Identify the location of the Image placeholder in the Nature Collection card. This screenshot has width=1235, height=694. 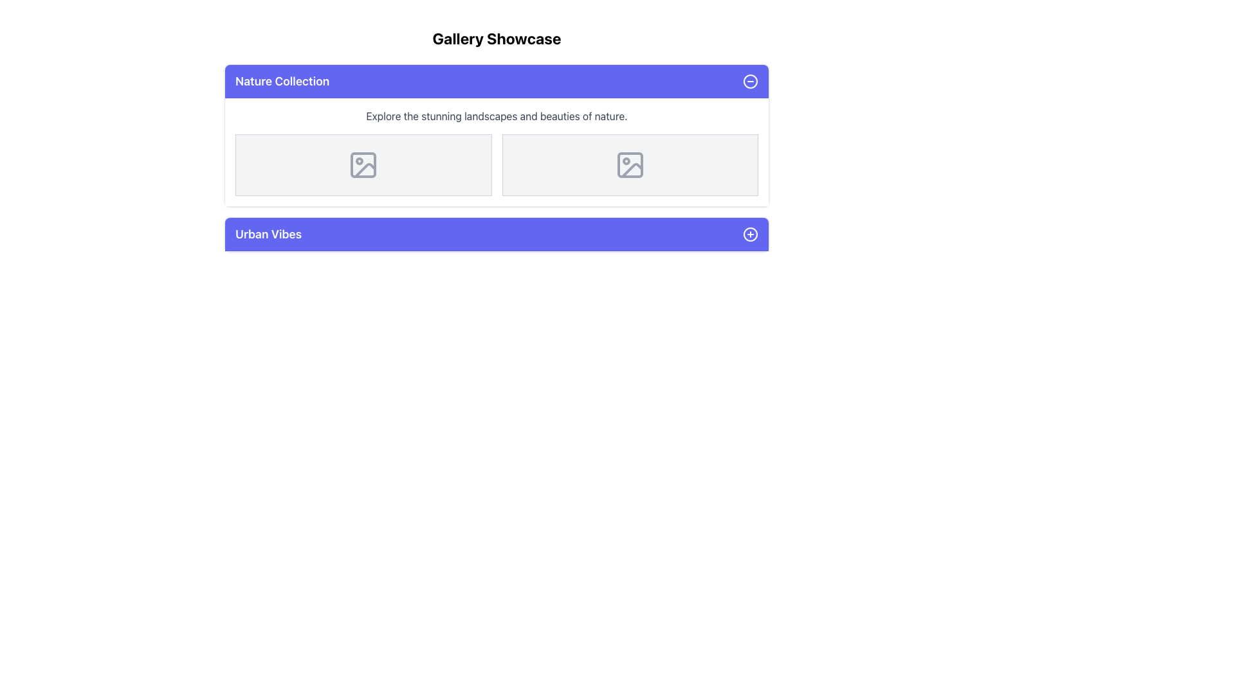
(630, 165).